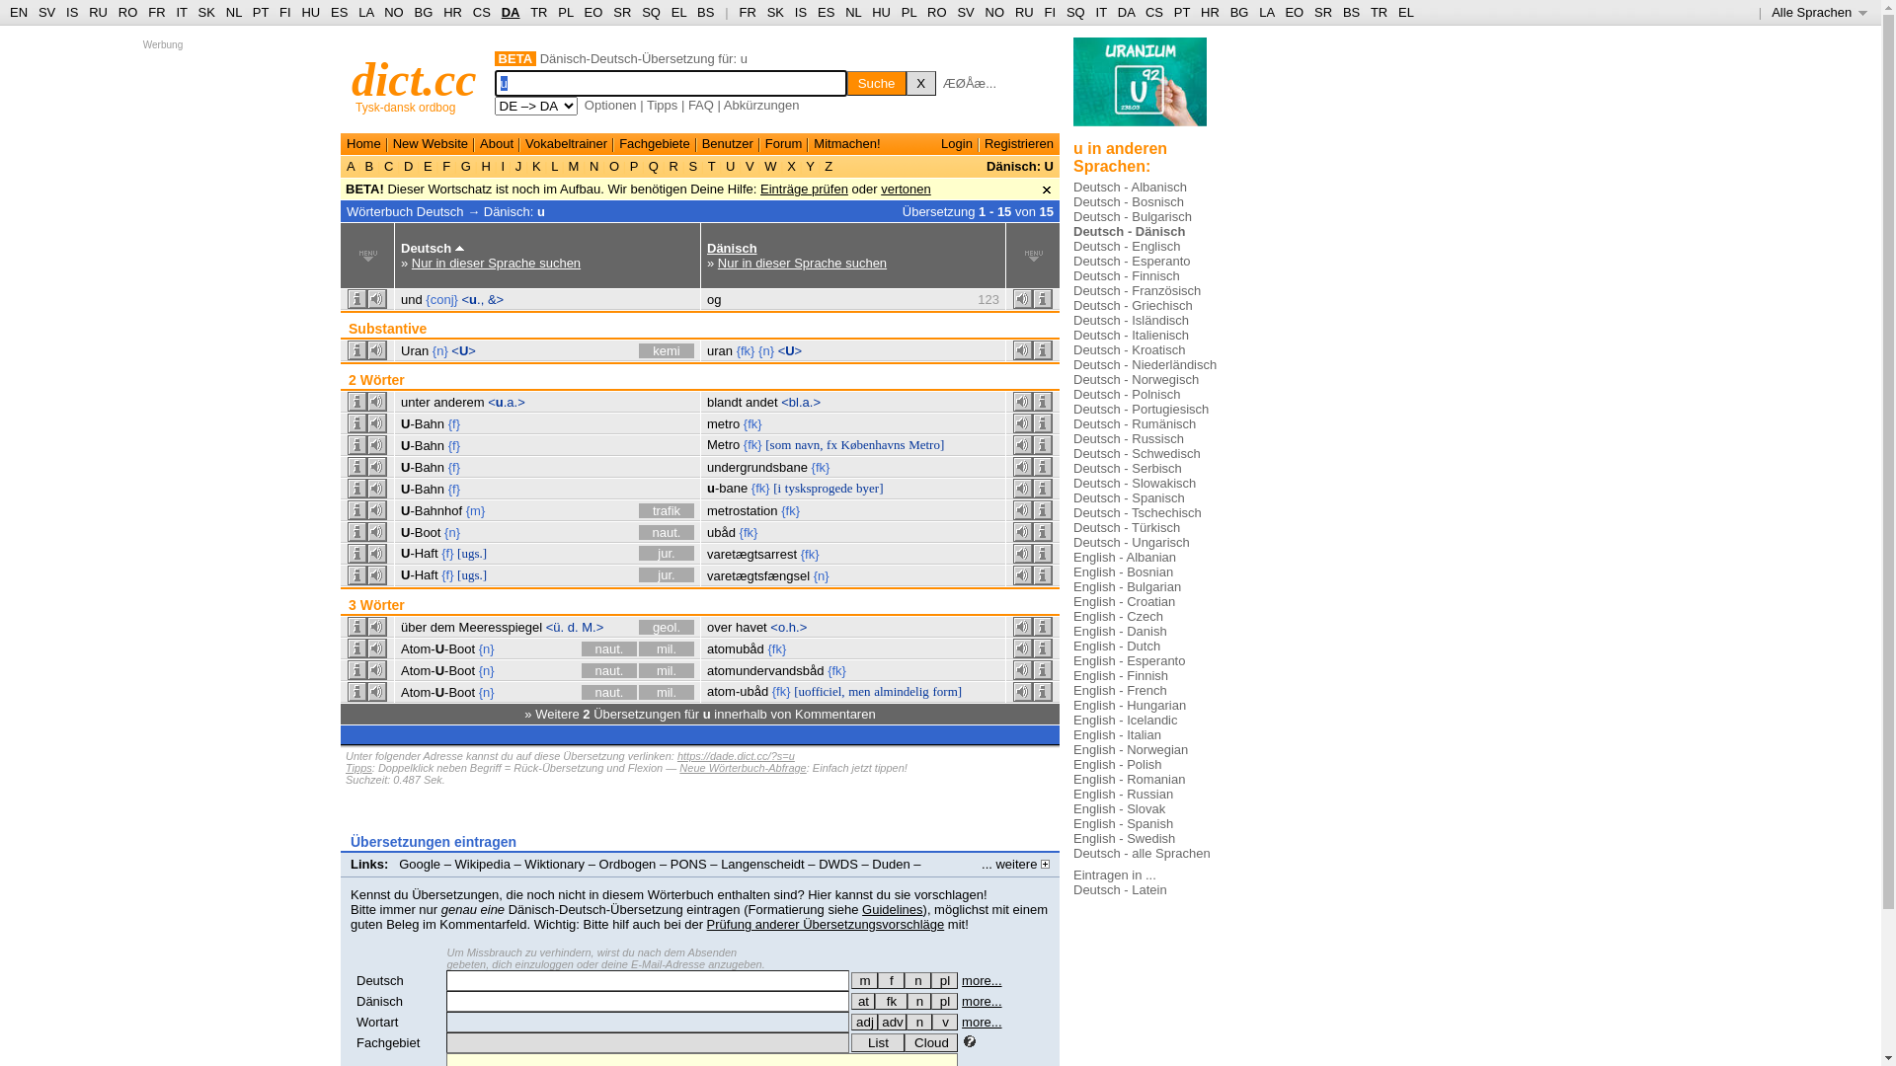 The height and width of the screenshot is (1066, 1896). Describe the element at coordinates (908, 12) in the screenshot. I see `'PL'` at that location.